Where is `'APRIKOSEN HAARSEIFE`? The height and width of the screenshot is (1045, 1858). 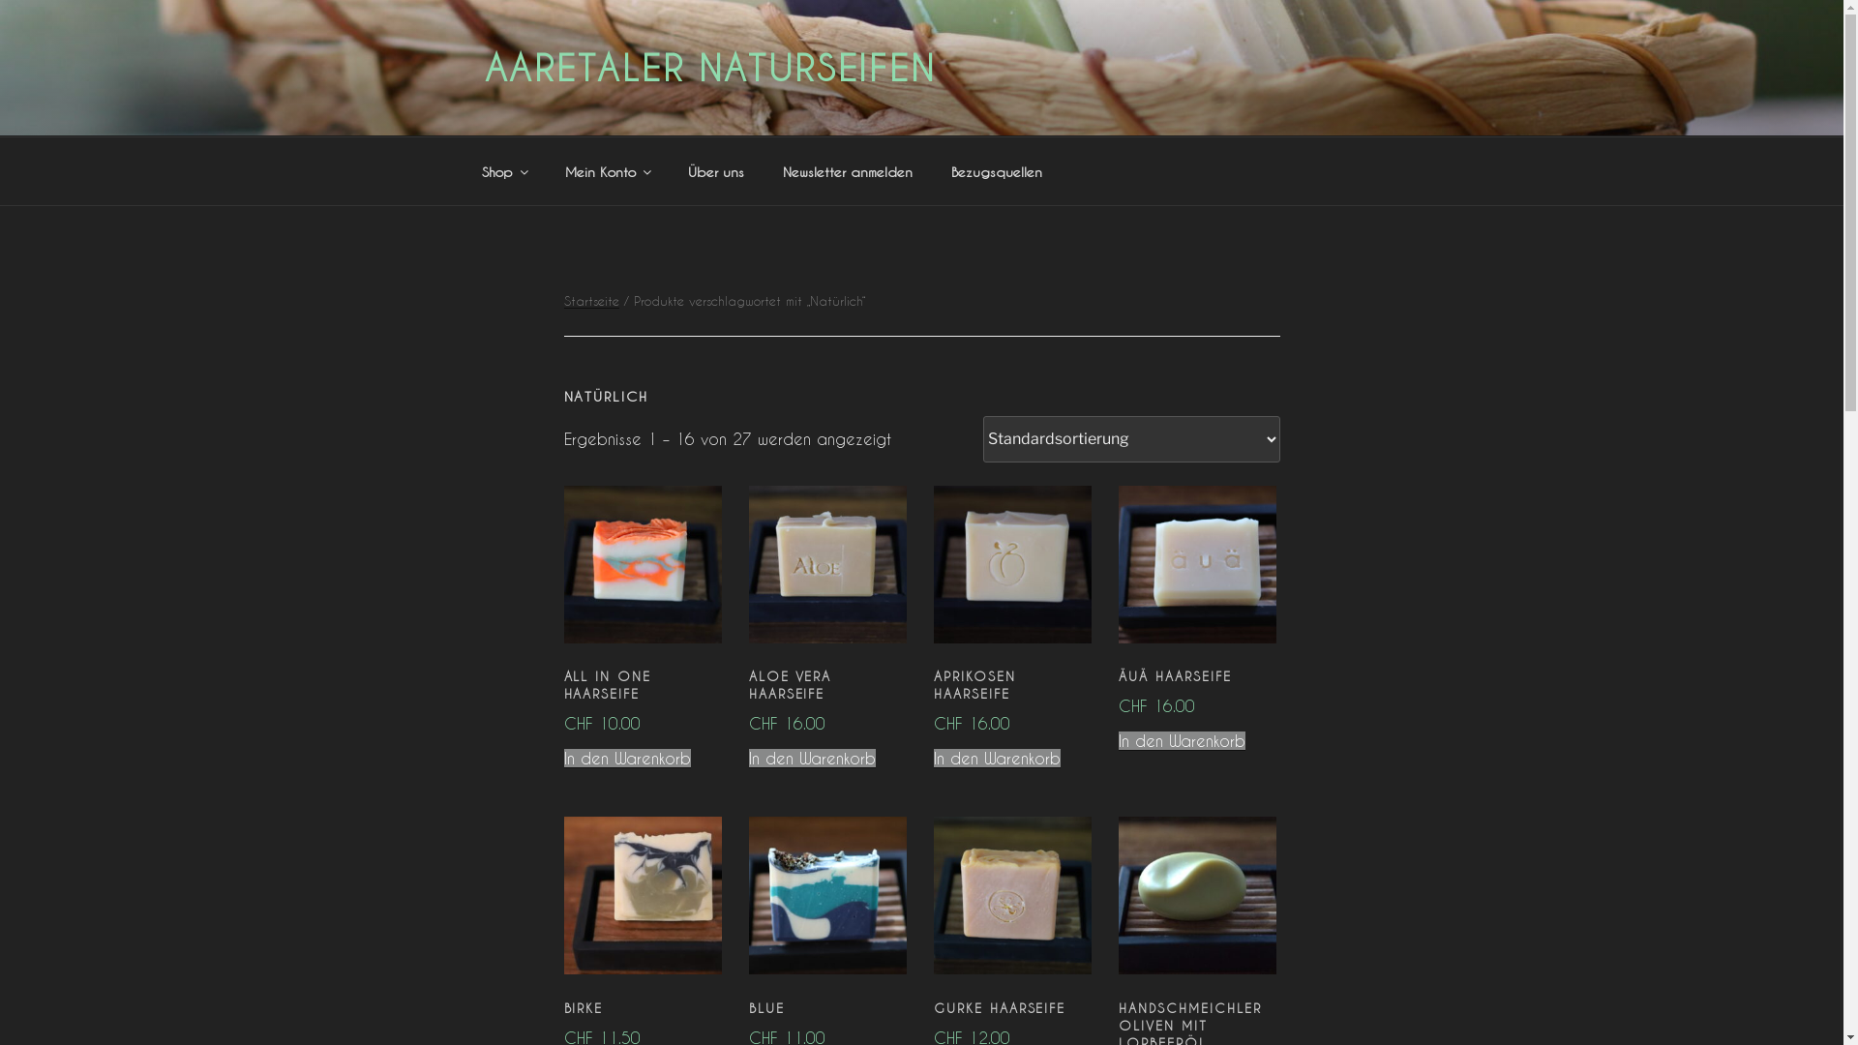 'APRIKOSEN HAARSEIFE is located at coordinates (933, 698).